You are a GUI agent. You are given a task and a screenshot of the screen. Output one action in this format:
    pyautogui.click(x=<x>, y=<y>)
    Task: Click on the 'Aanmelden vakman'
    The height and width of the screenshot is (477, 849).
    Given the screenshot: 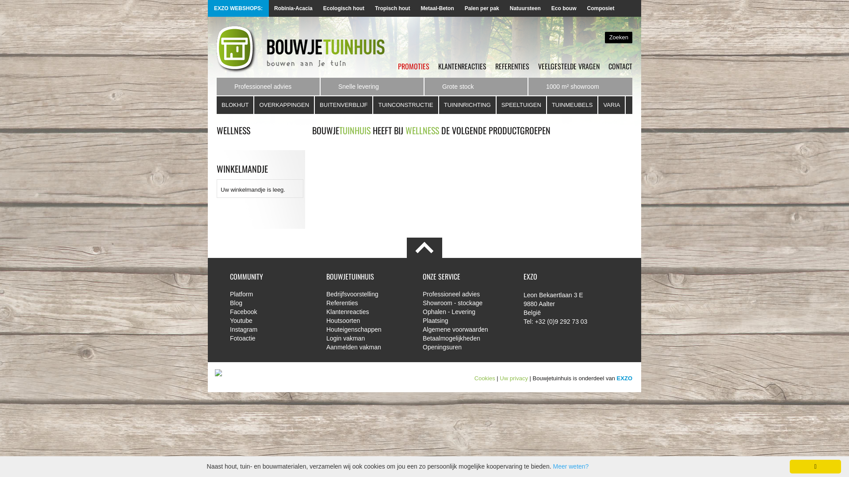 What is the action you would take?
    pyautogui.click(x=367, y=347)
    